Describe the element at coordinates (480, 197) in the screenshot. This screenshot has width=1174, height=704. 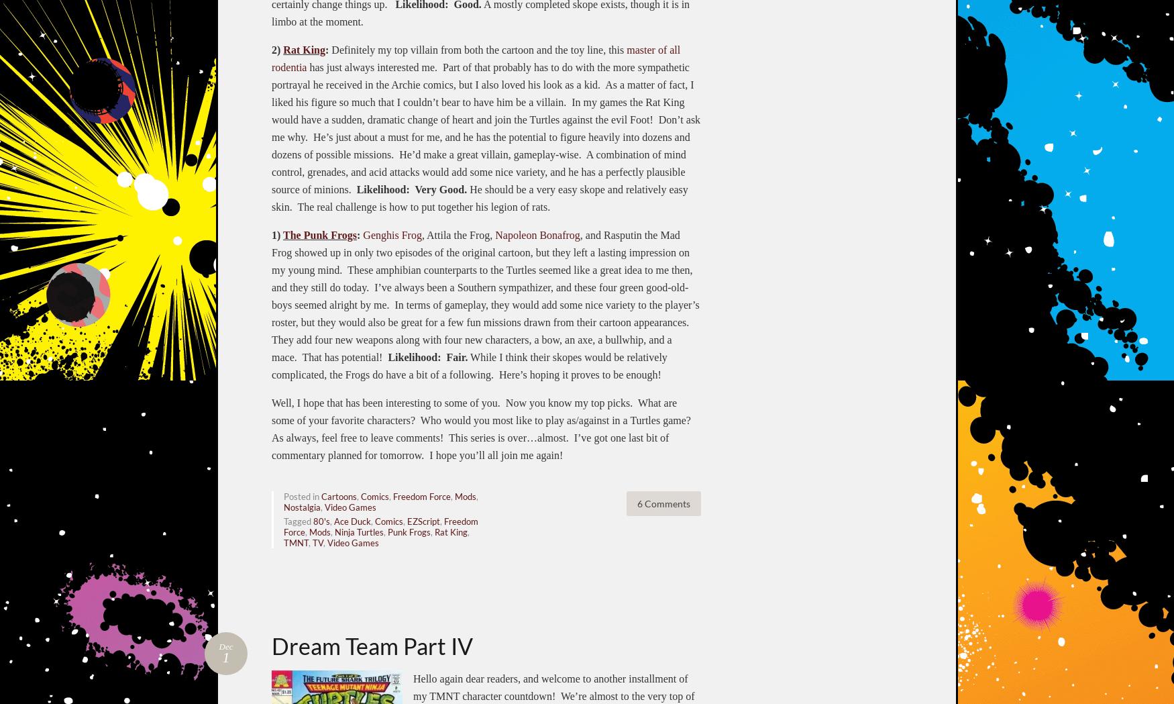
I see `'He should be a very easy skope and relatively easy skin.  The real challenge is how to put together his legion of rats.'` at that location.